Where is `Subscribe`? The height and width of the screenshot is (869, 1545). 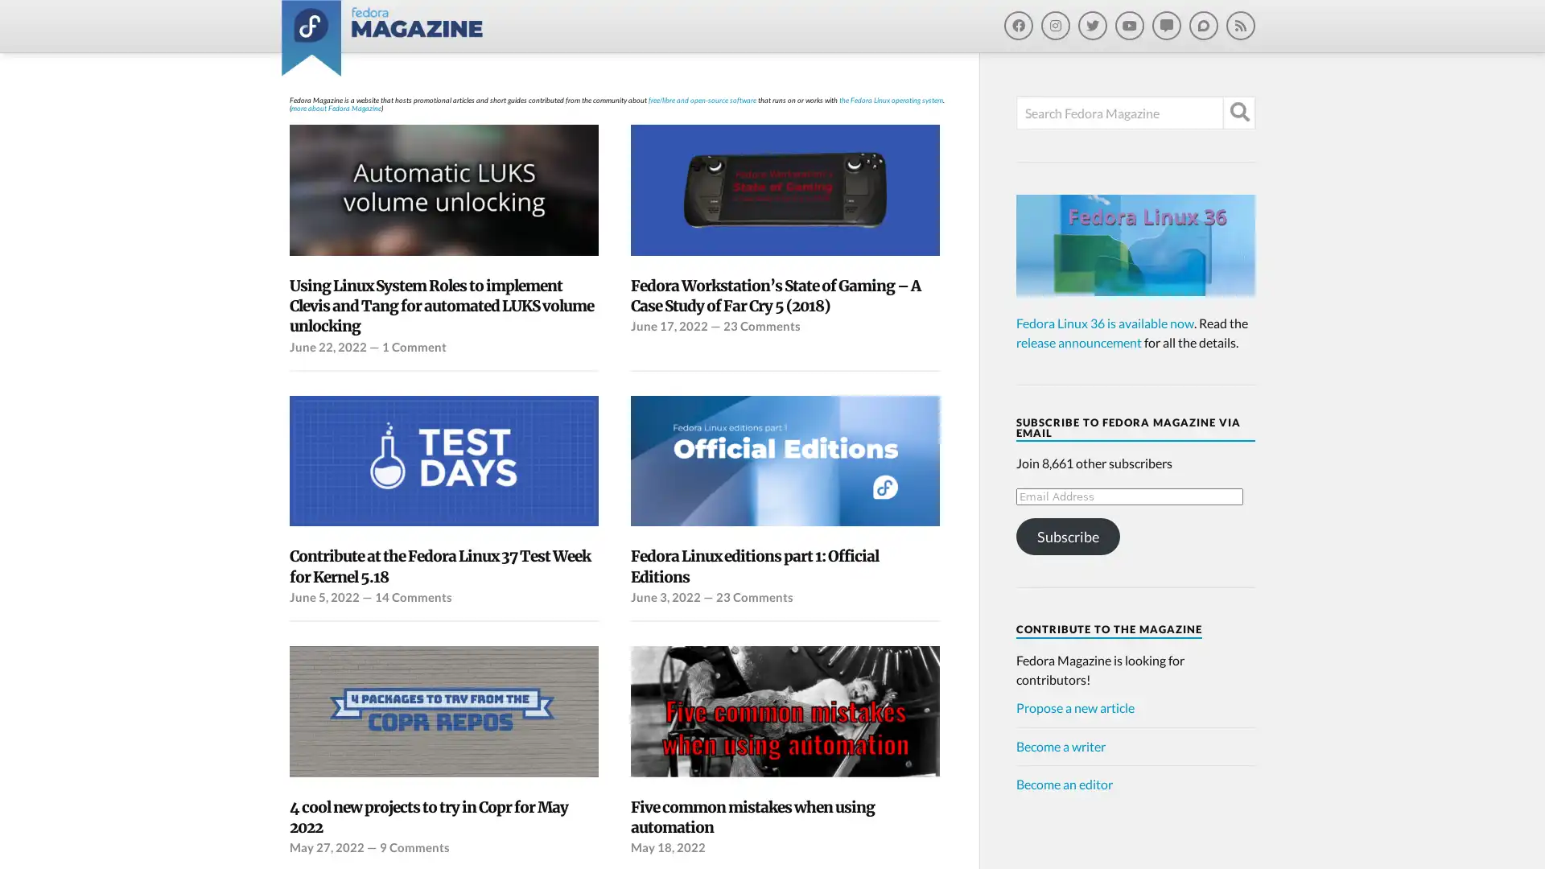
Subscribe is located at coordinates (1067, 537).